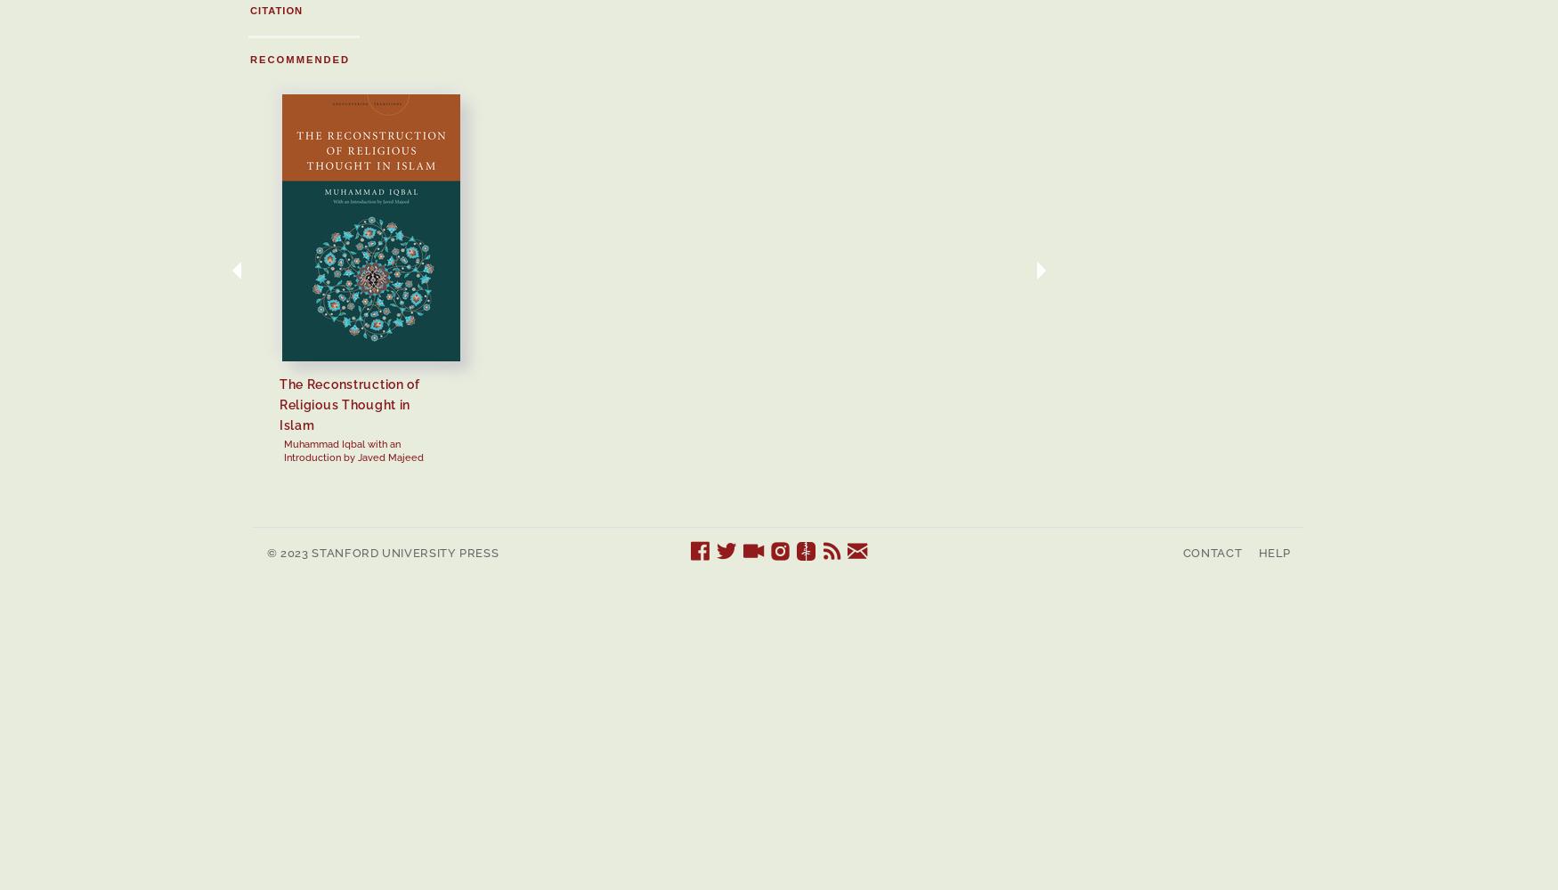 The image size is (1558, 890). What do you see at coordinates (348, 403) in the screenshot?
I see `'The Reconstruction of Religious Thought in Islam'` at bounding box center [348, 403].